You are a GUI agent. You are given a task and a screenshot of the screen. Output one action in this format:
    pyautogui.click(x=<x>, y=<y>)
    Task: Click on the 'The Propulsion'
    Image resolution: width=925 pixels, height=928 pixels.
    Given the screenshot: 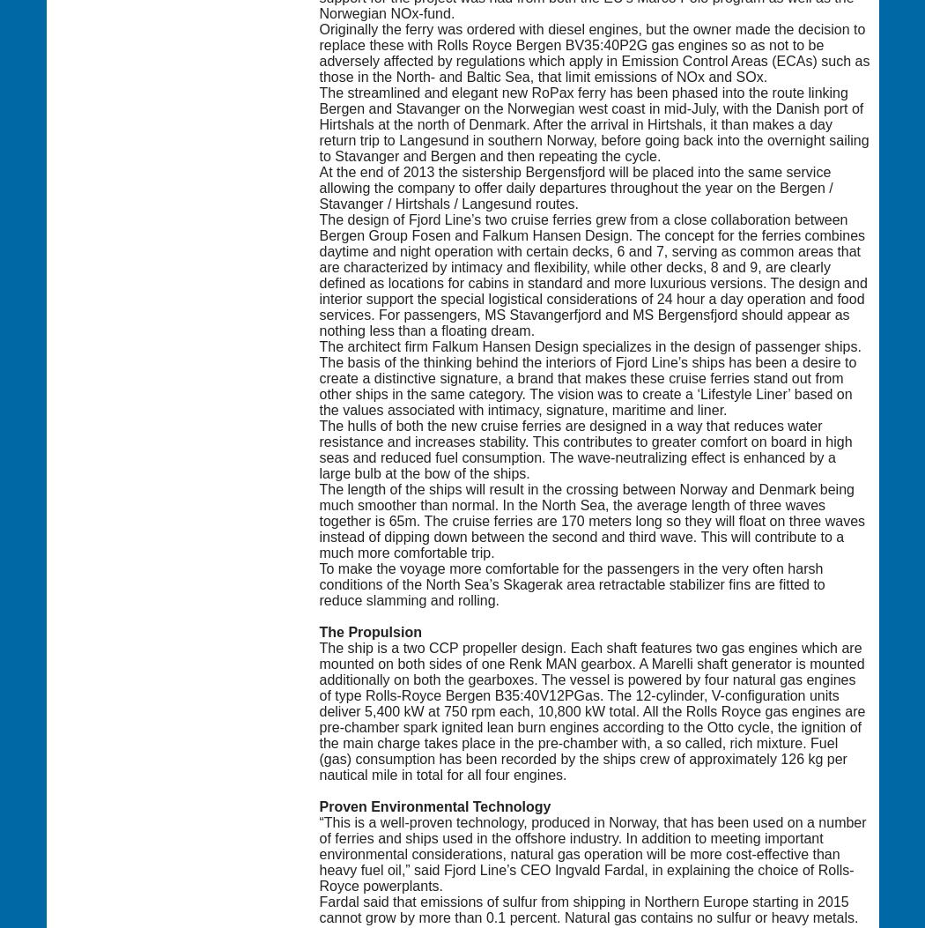 What is the action you would take?
    pyautogui.click(x=369, y=631)
    